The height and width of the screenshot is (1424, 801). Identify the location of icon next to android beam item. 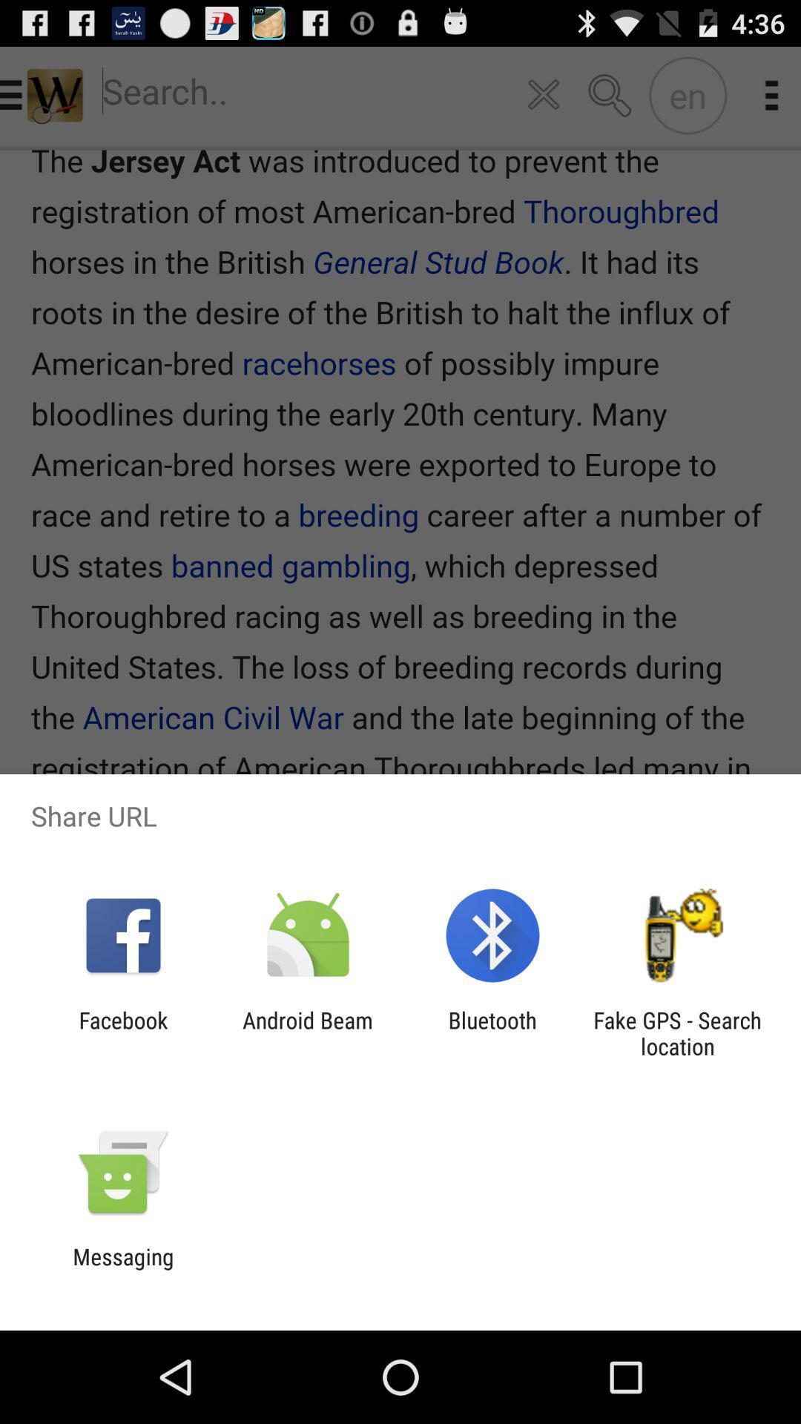
(122, 1032).